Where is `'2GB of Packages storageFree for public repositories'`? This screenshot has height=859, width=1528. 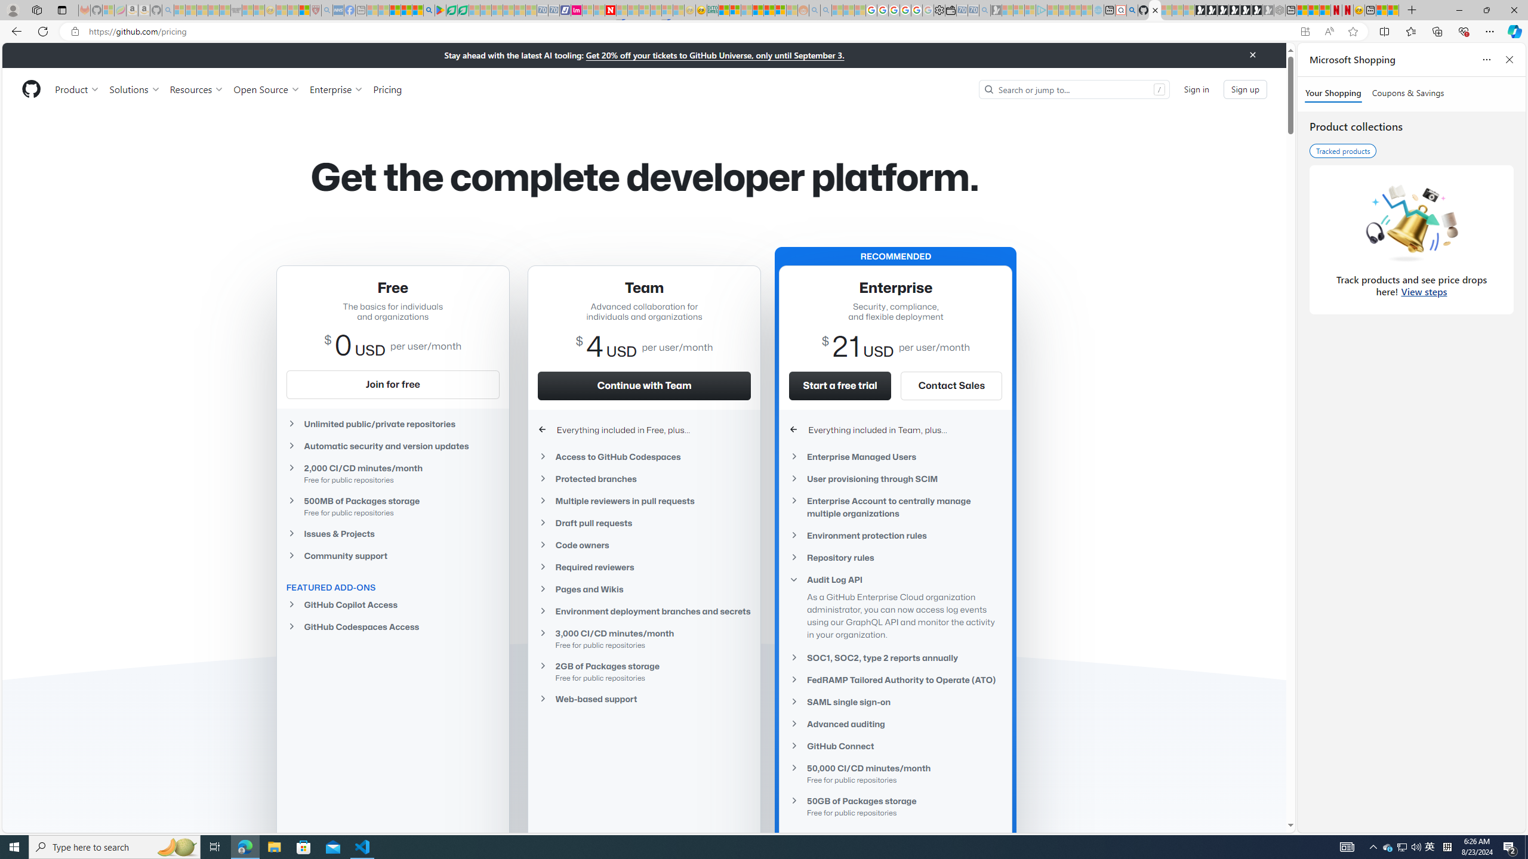
'2GB of Packages storageFree for public repositories' is located at coordinates (645, 671).